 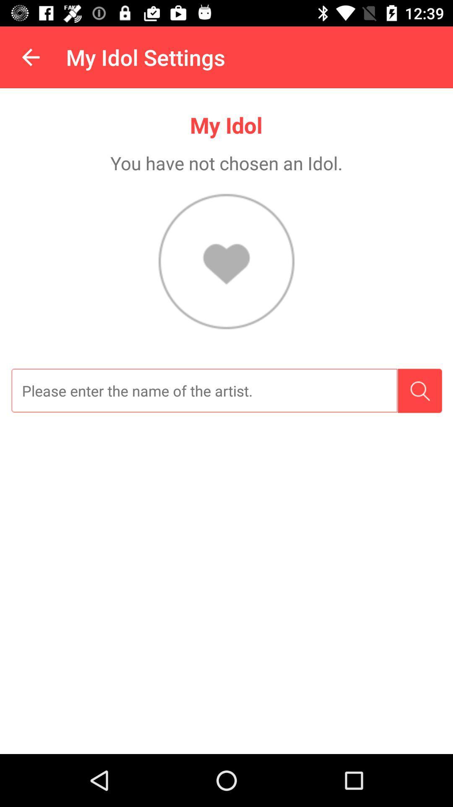 I want to click on search for something, so click(x=420, y=390).